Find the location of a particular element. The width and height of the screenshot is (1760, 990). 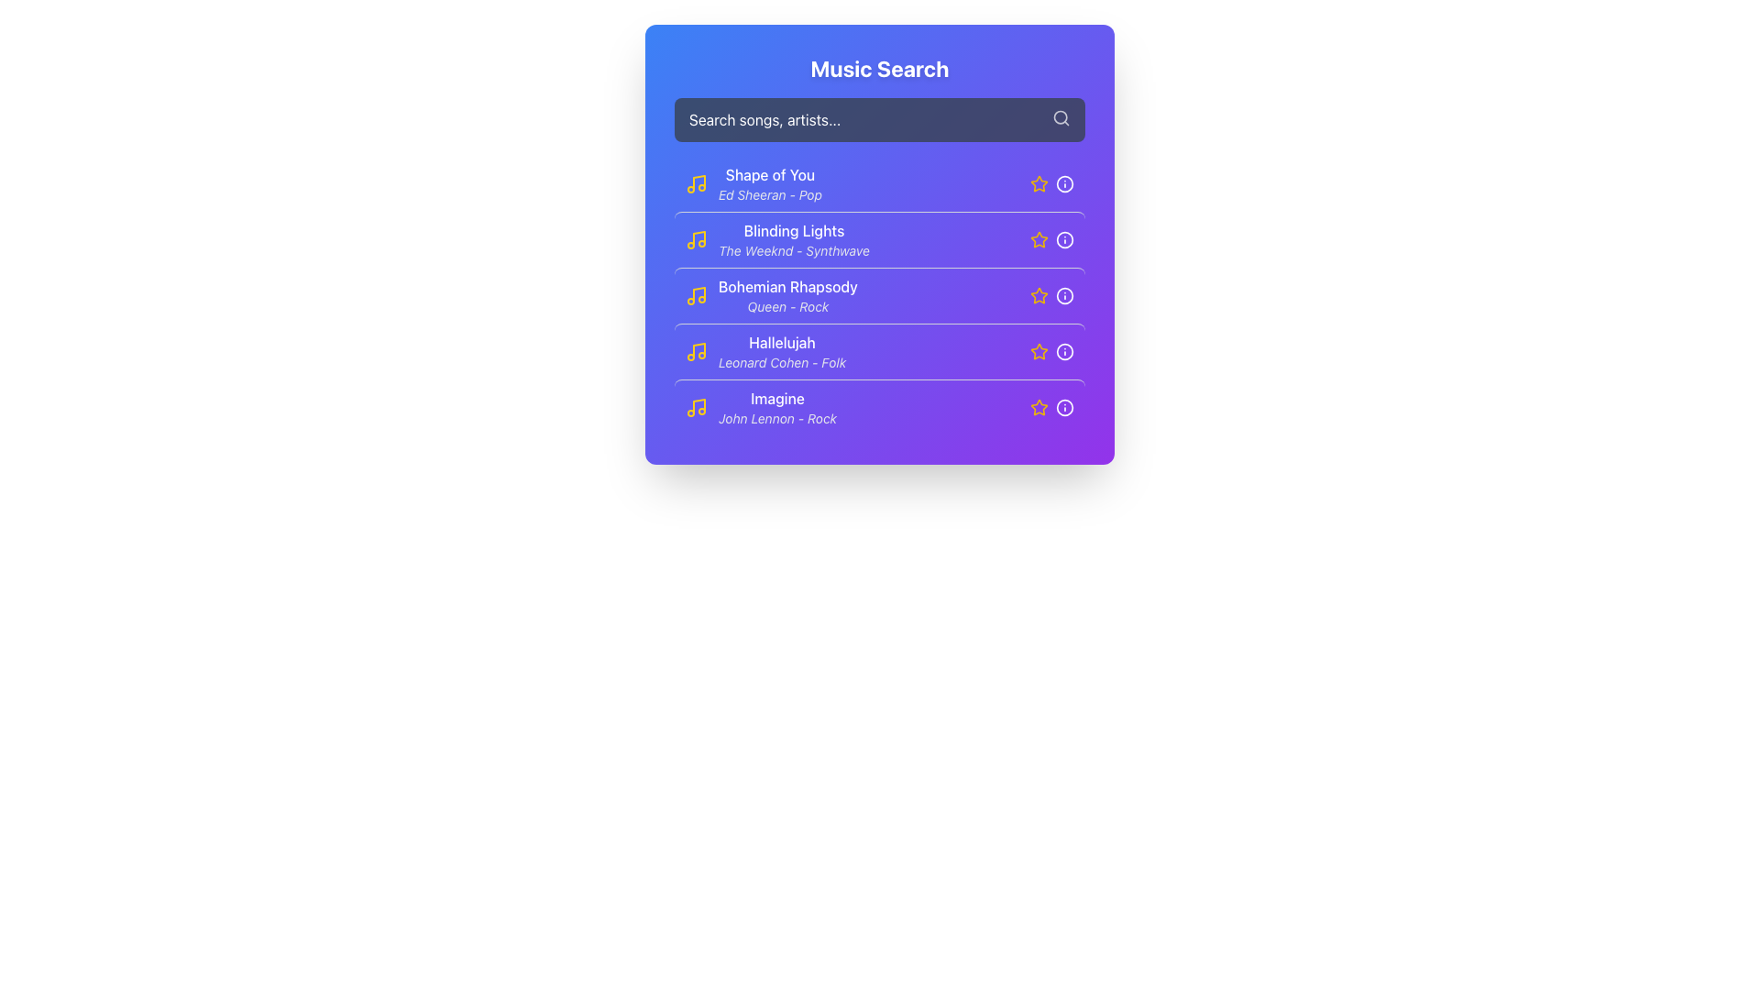

the text label providing additional metadata for the song 'Blinding Lights', which is located below the song title in the music search list is located at coordinates (794, 250).